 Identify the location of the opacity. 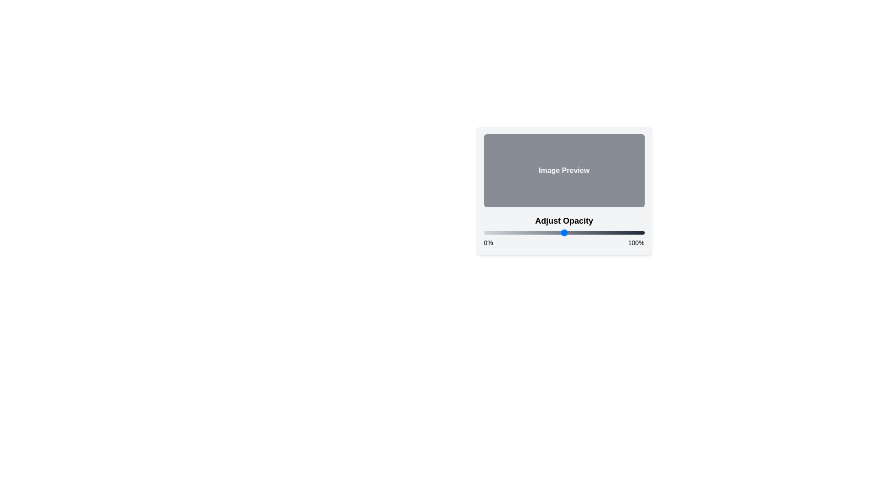
(596, 232).